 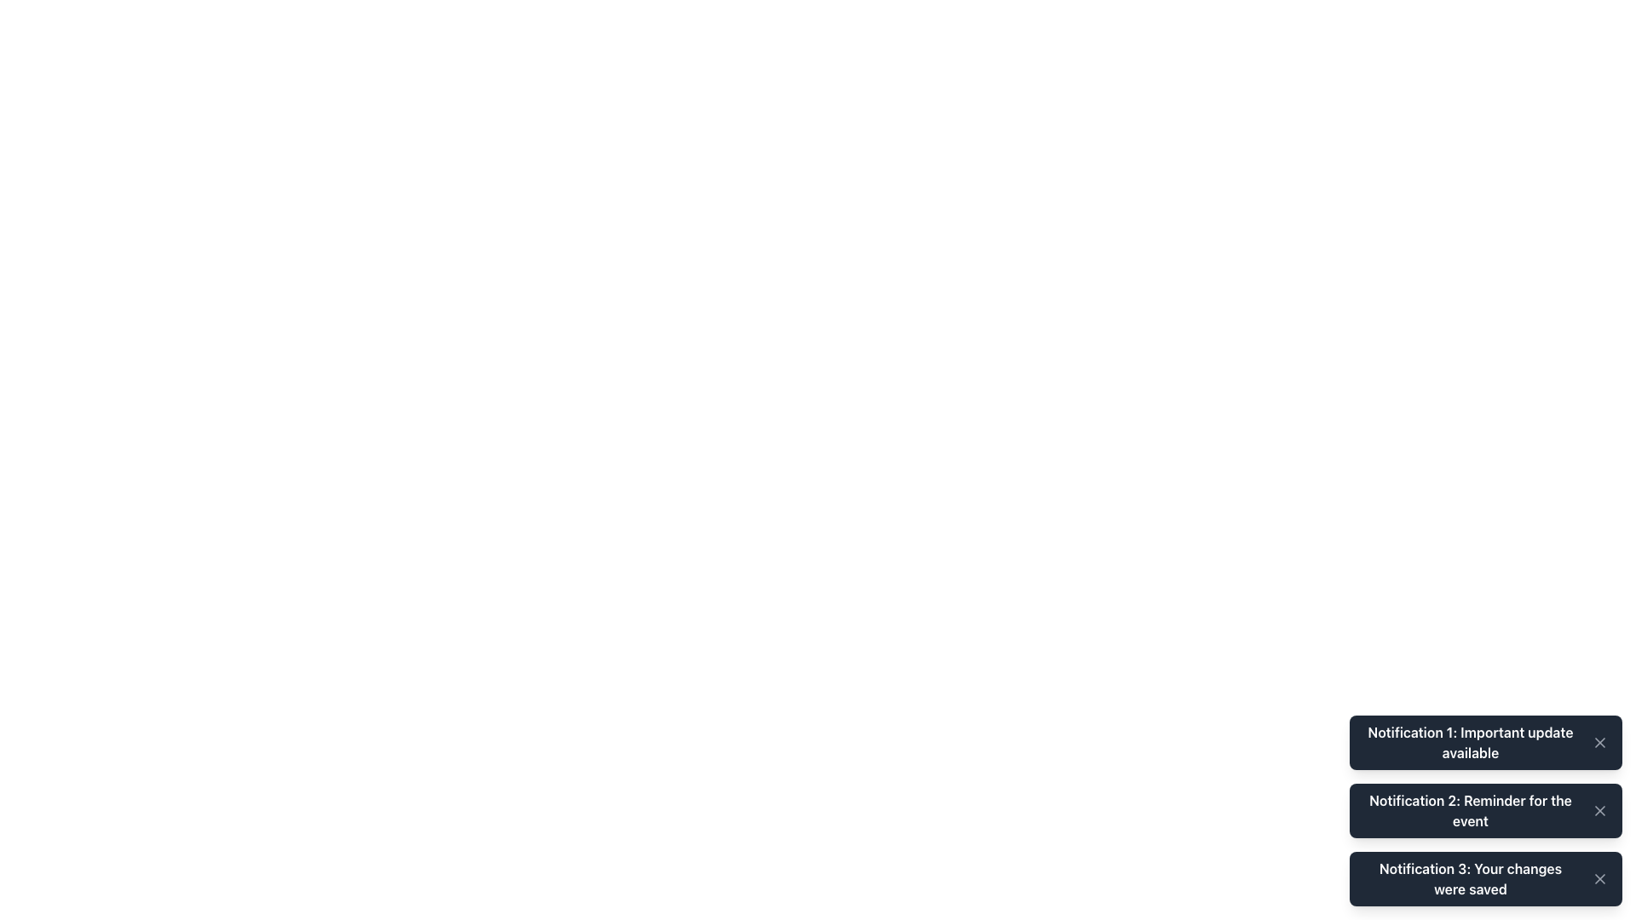 I want to click on the small cross icon within the circular shape that serves as the close icon for the third notification labeled 'Notification 3: Your changes were saved.', so click(x=1599, y=879).